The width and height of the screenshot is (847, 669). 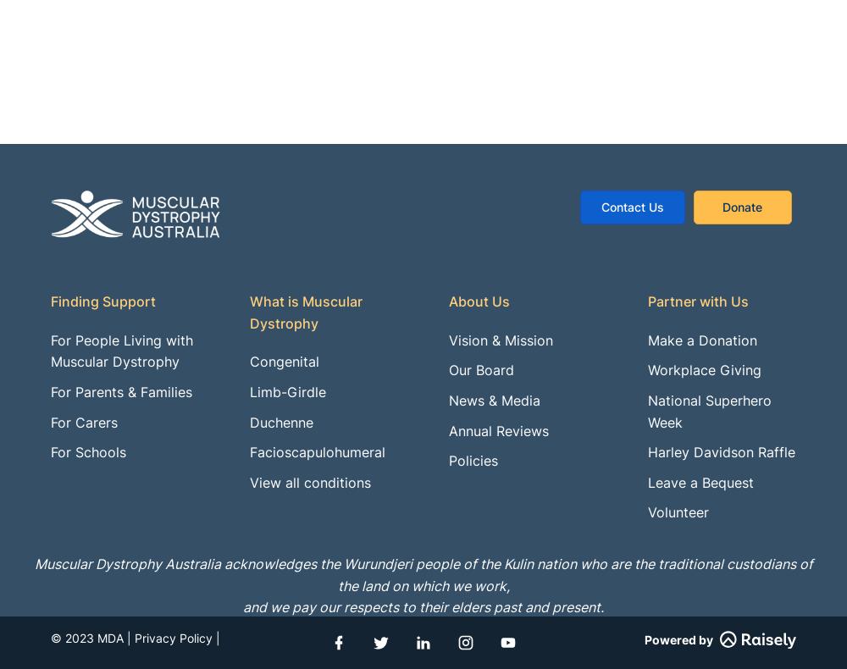 I want to click on 'Finding Support', so click(x=102, y=301).